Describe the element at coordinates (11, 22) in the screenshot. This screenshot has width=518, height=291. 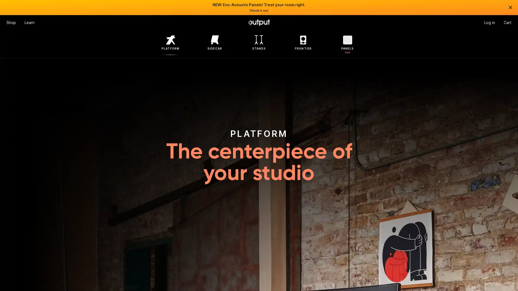
I see `Menu` at that location.